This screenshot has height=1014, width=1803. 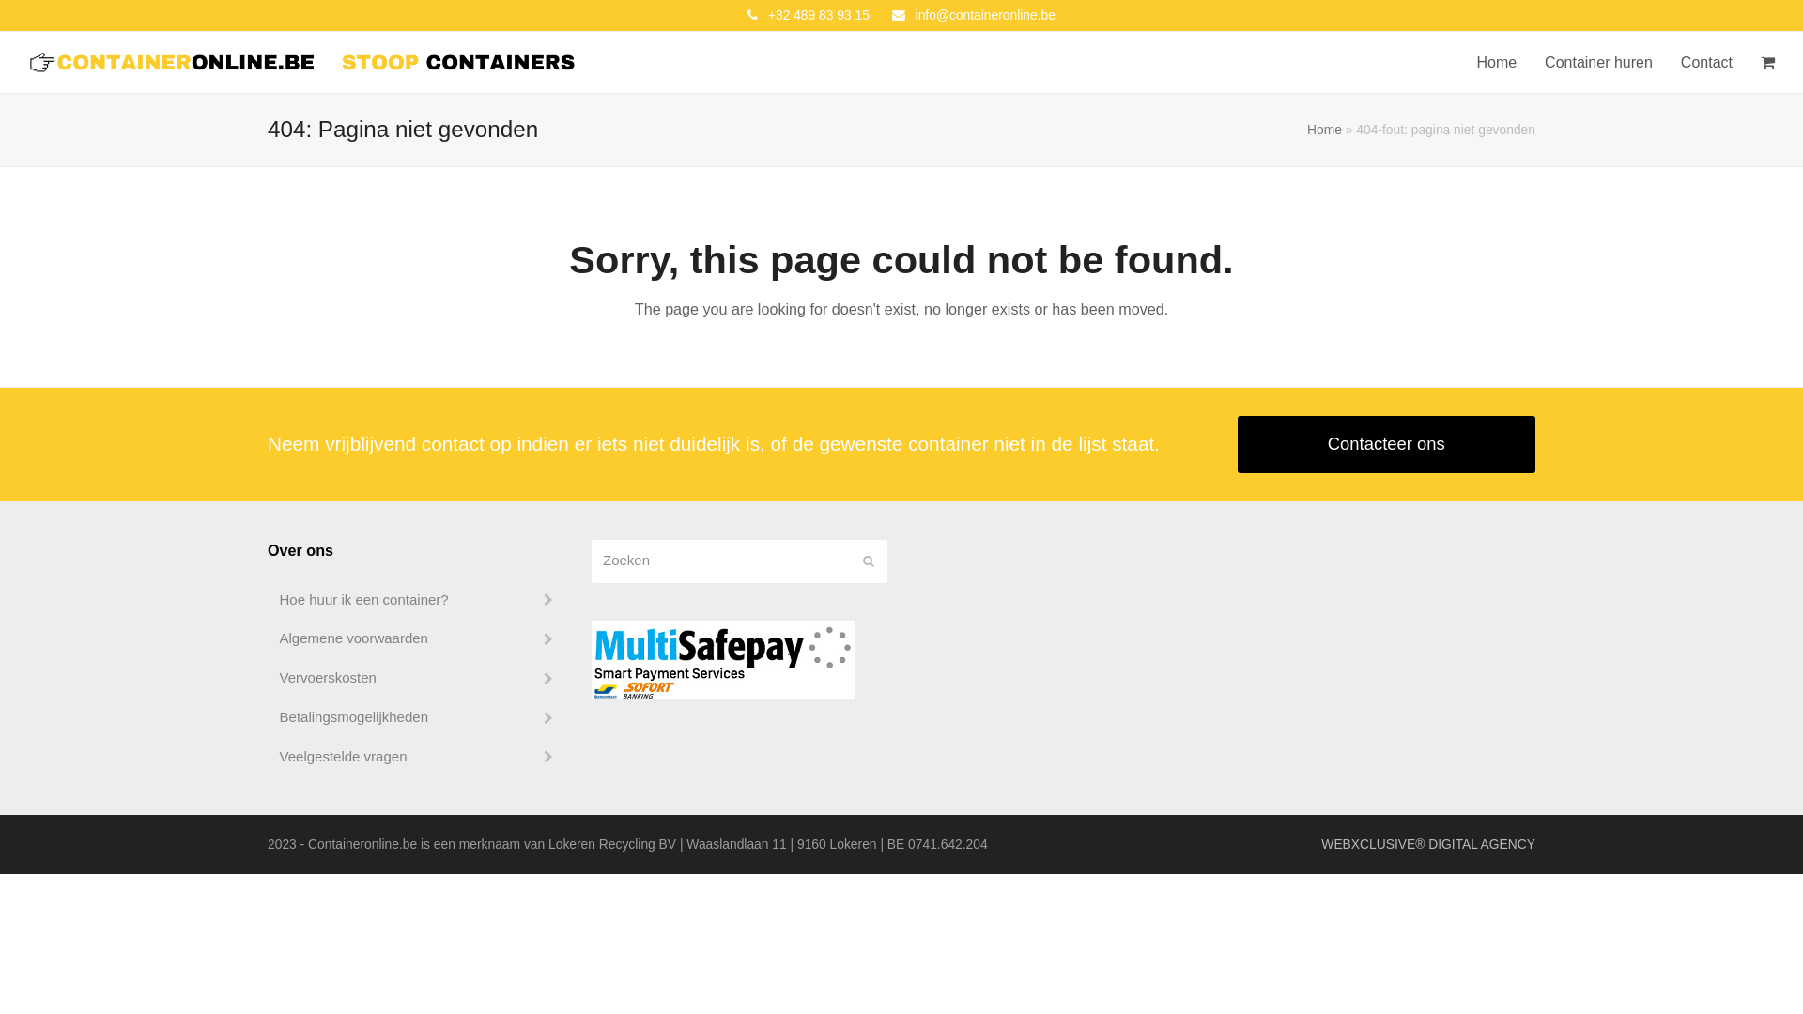 What do you see at coordinates (915, 14) in the screenshot?
I see `'info@containeronline.be'` at bounding box center [915, 14].